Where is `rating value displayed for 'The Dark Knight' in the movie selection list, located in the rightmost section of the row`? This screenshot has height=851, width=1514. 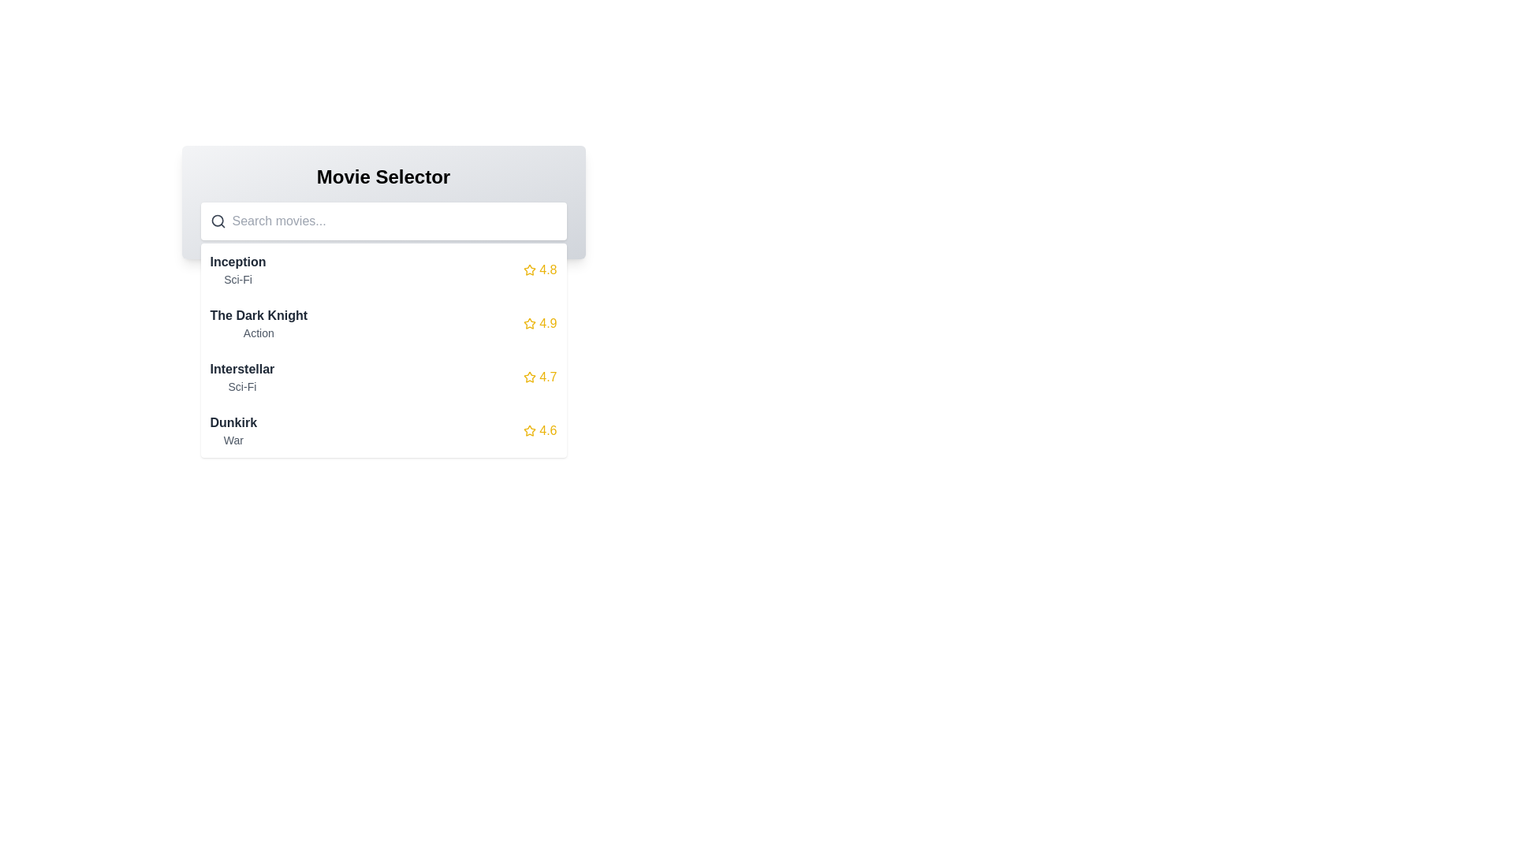
rating value displayed for 'The Dark Knight' in the movie selection list, located in the rightmost section of the row is located at coordinates (540, 323).